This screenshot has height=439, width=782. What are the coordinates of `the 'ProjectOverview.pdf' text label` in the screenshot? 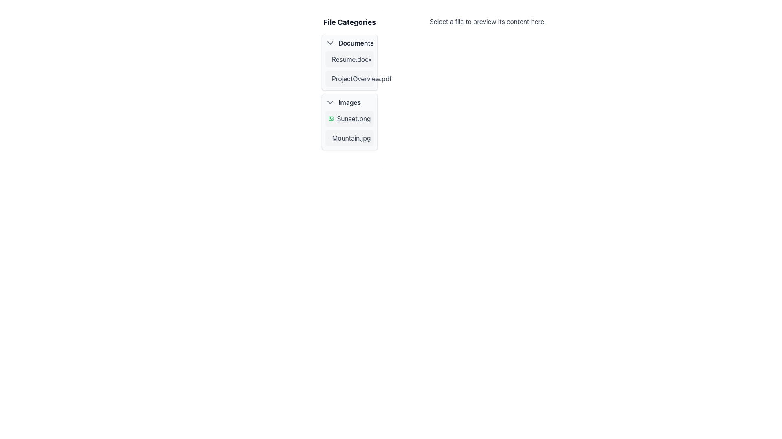 It's located at (361, 78).